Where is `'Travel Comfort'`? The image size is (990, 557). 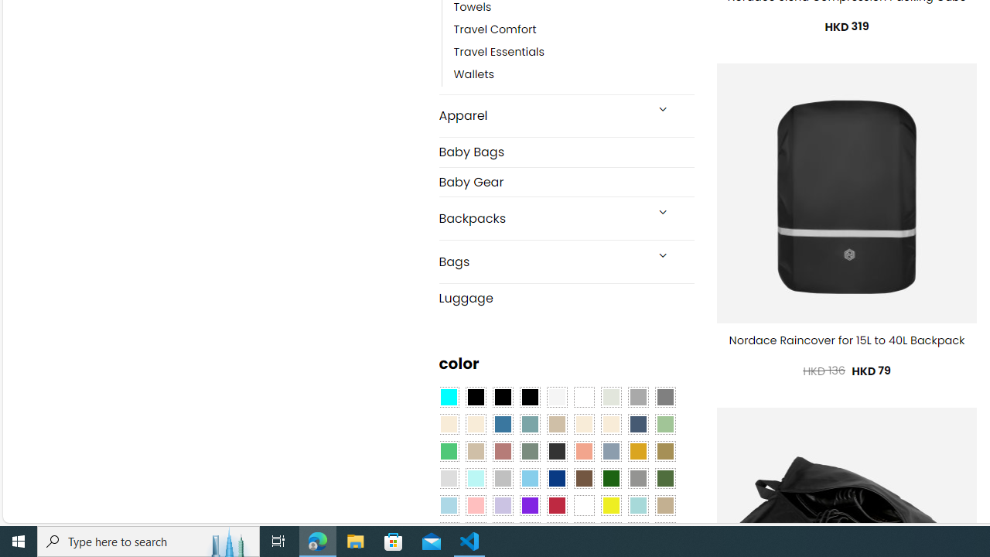
'Travel Comfort' is located at coordinates (495, 29).